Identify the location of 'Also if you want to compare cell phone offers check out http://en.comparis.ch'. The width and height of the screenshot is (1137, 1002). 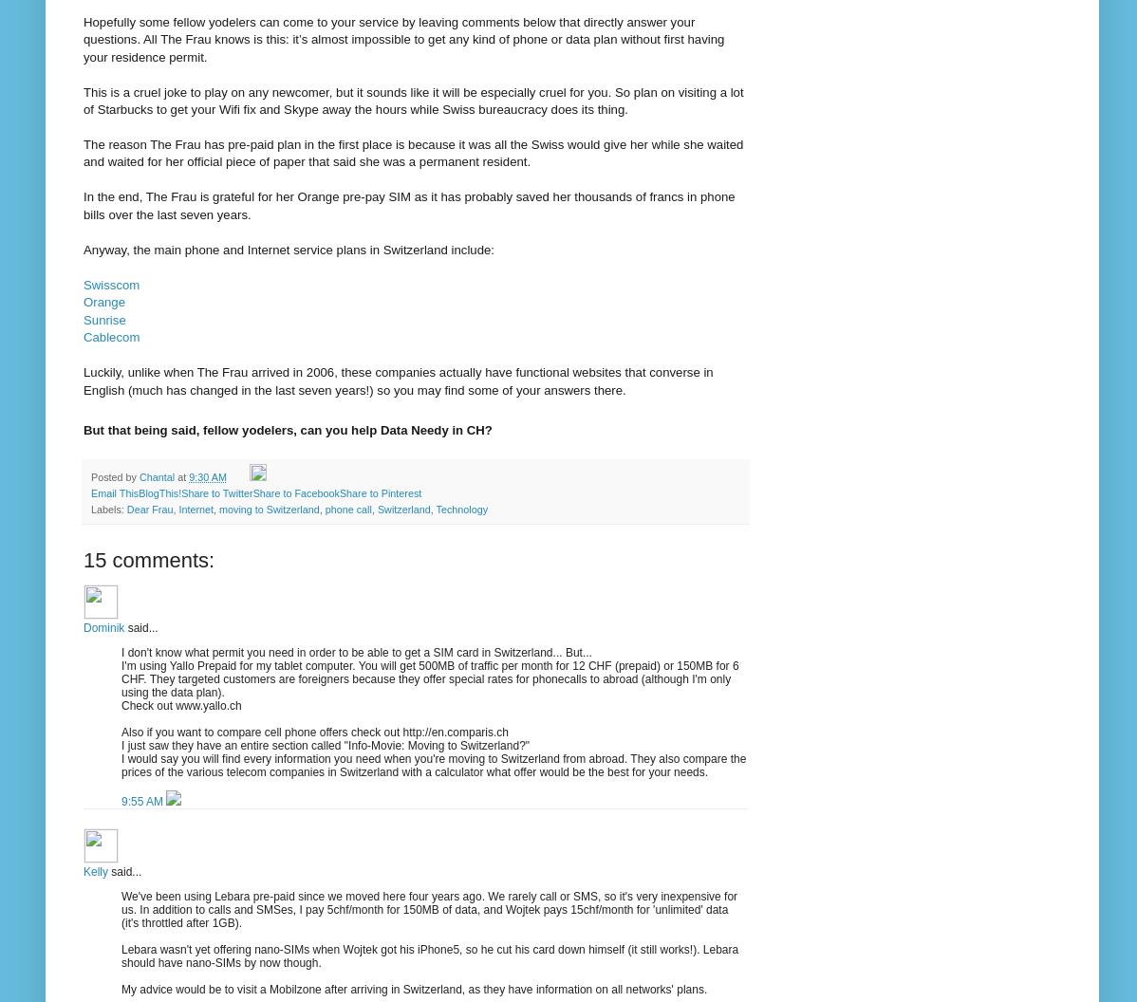
(313, 730).